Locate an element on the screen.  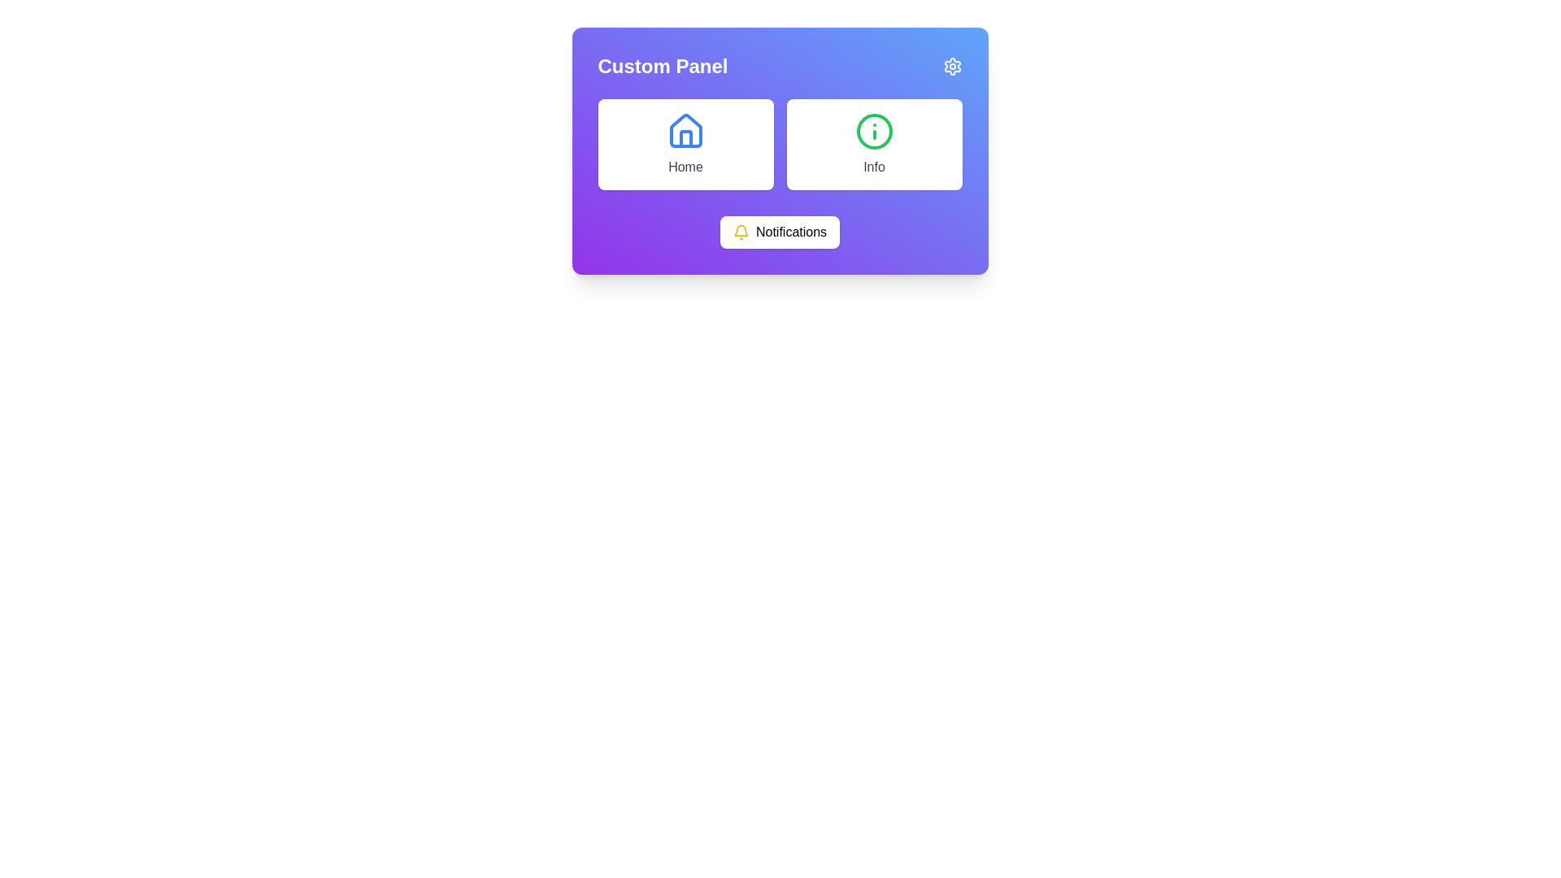
the green circular icon with a bold green lowercase 'i' located in the upper-right section of the interface, to the right of the 'Home' button is located at coordinates (873, 131).